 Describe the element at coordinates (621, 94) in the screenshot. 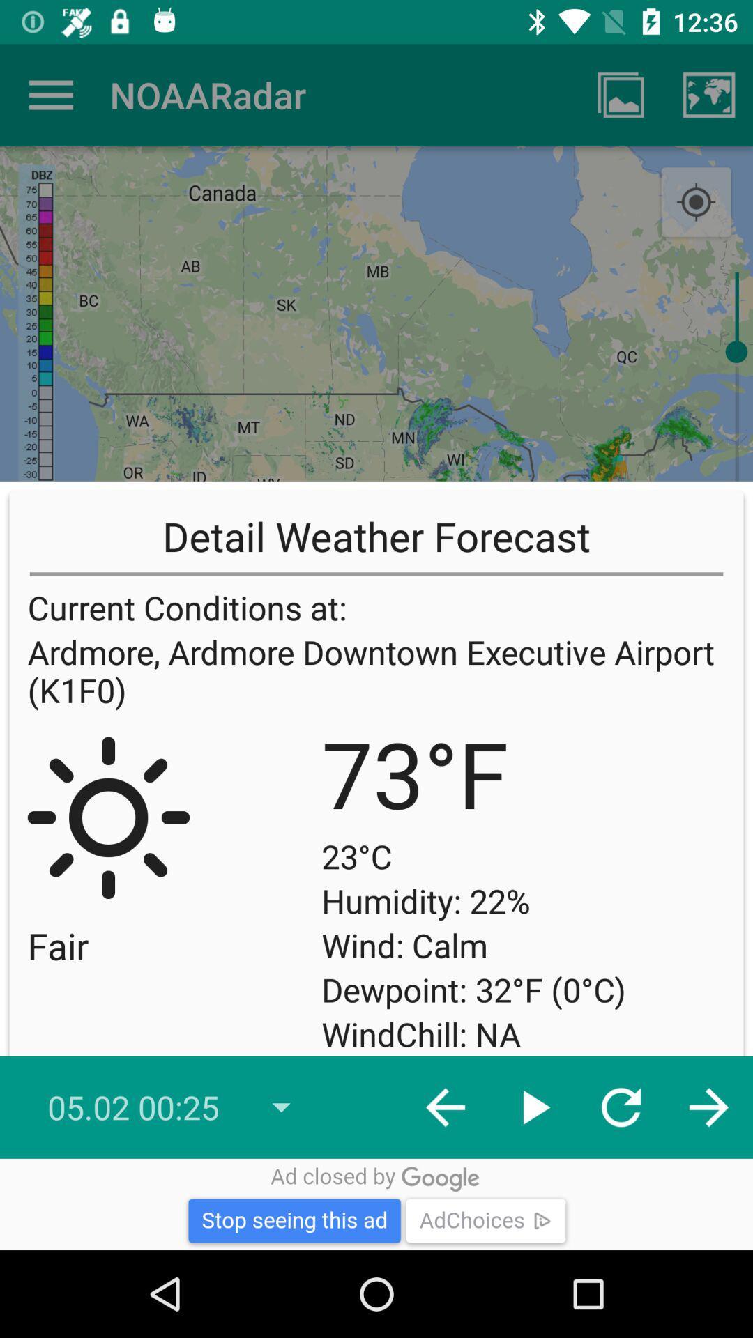

I see `app next to the noaaradar` at that location.